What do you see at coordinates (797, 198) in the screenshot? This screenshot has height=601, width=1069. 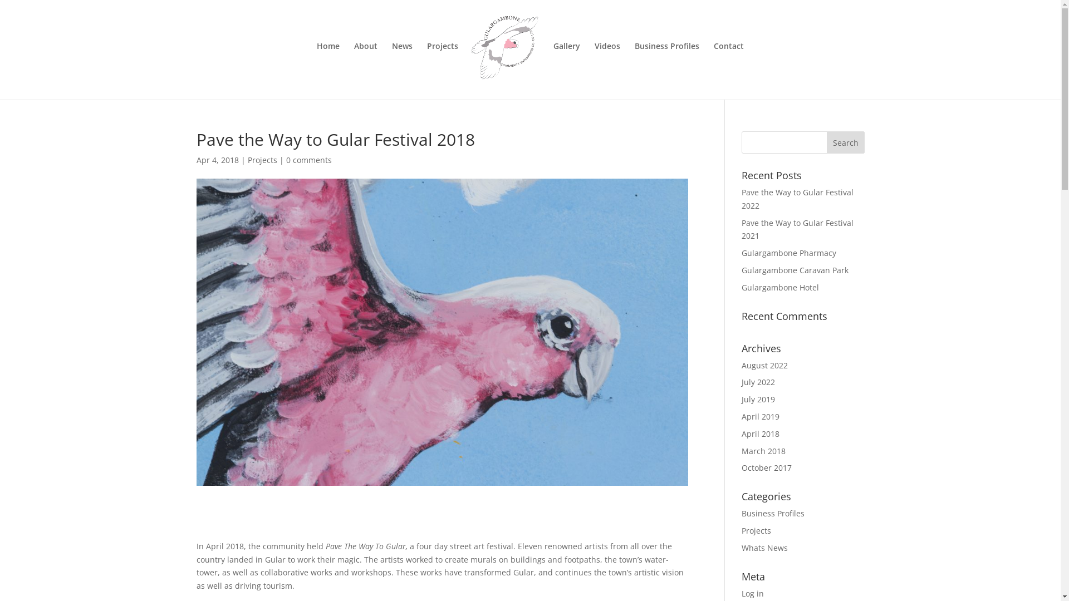 I see `'Pave the Way to Gular Festival 2022'` at bounding box center [797, 198].